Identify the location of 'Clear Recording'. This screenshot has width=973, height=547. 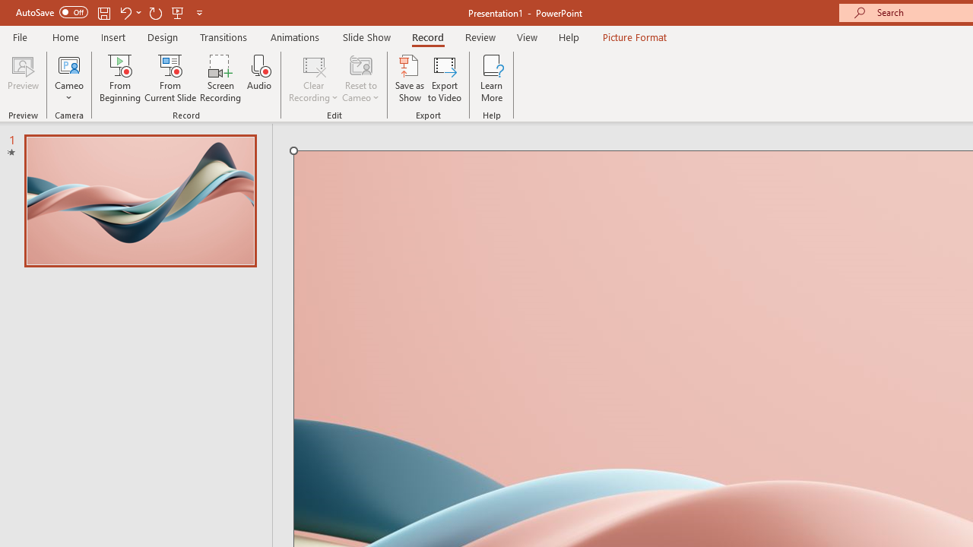
(312, 78).